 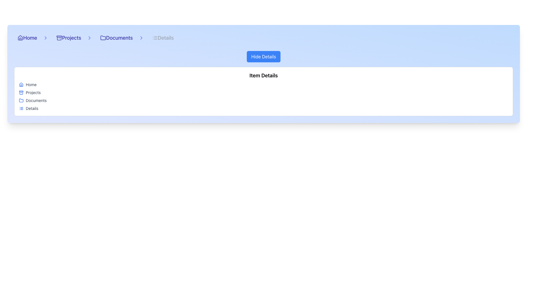 What do you see at coordinates (71, 38) in the screenshot?
I see `the 'Projects' text label in the breadcrumb navigation bar` at bounding box center [71, 38].